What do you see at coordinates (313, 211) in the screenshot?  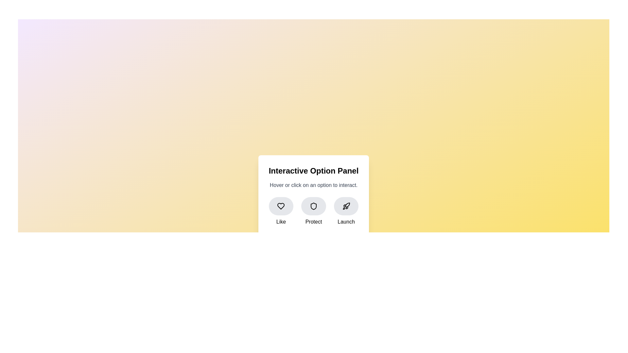 I see `the 'Protect' button, which features a shield icon and is styled with a gray background, located at the center of a grid layout among three buttons` at bounding box center [313, 211].